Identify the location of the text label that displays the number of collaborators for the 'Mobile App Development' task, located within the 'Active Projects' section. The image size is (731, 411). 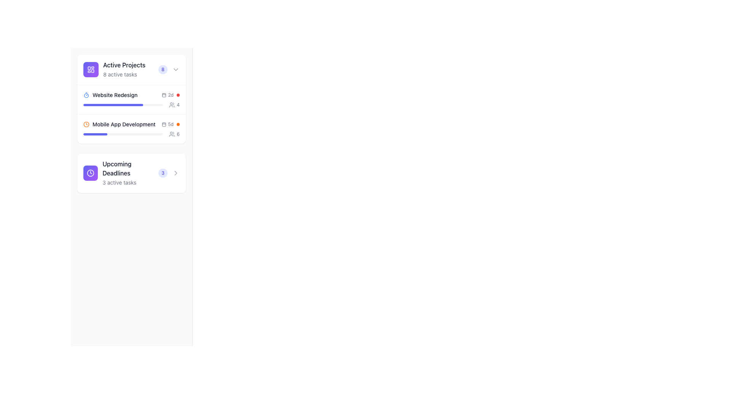
(178, 105).